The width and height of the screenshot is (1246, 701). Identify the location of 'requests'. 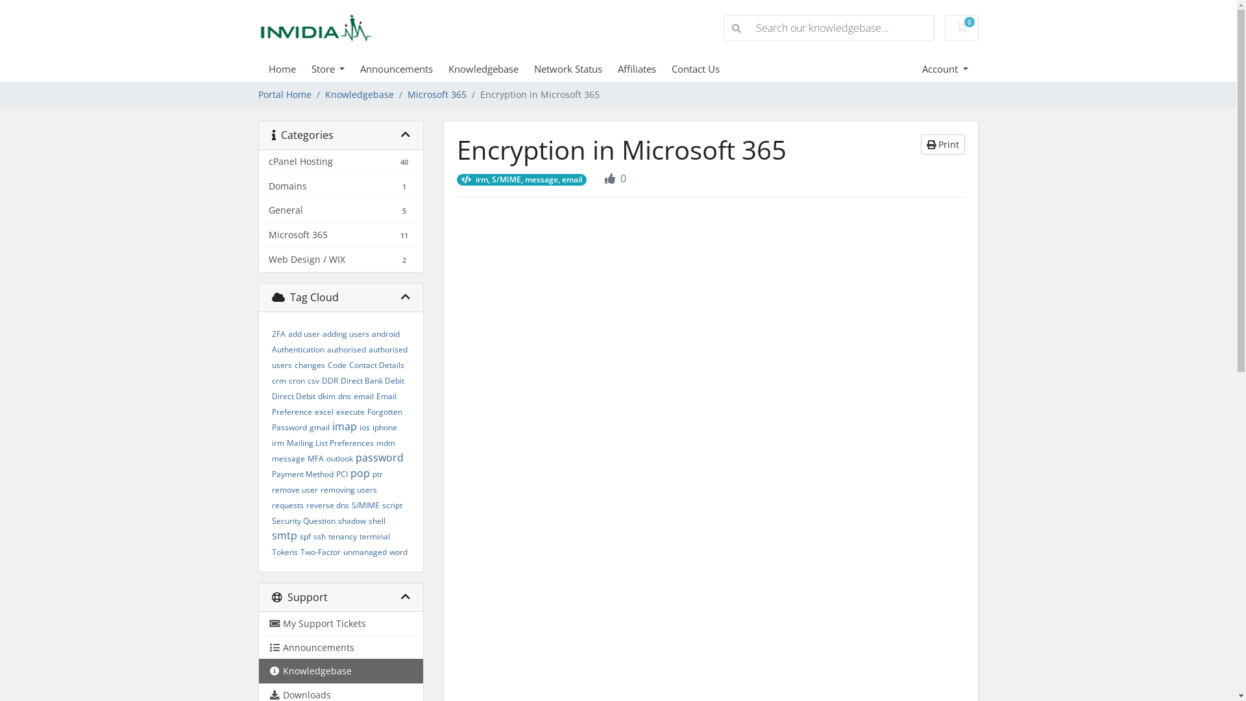
(286, 504).